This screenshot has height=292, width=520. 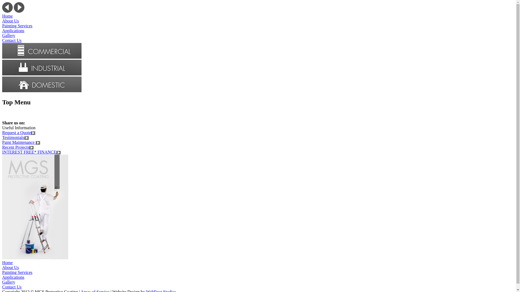 I want to click on 'Get your property painted my the best at MGS', so click(x=35, y=207).